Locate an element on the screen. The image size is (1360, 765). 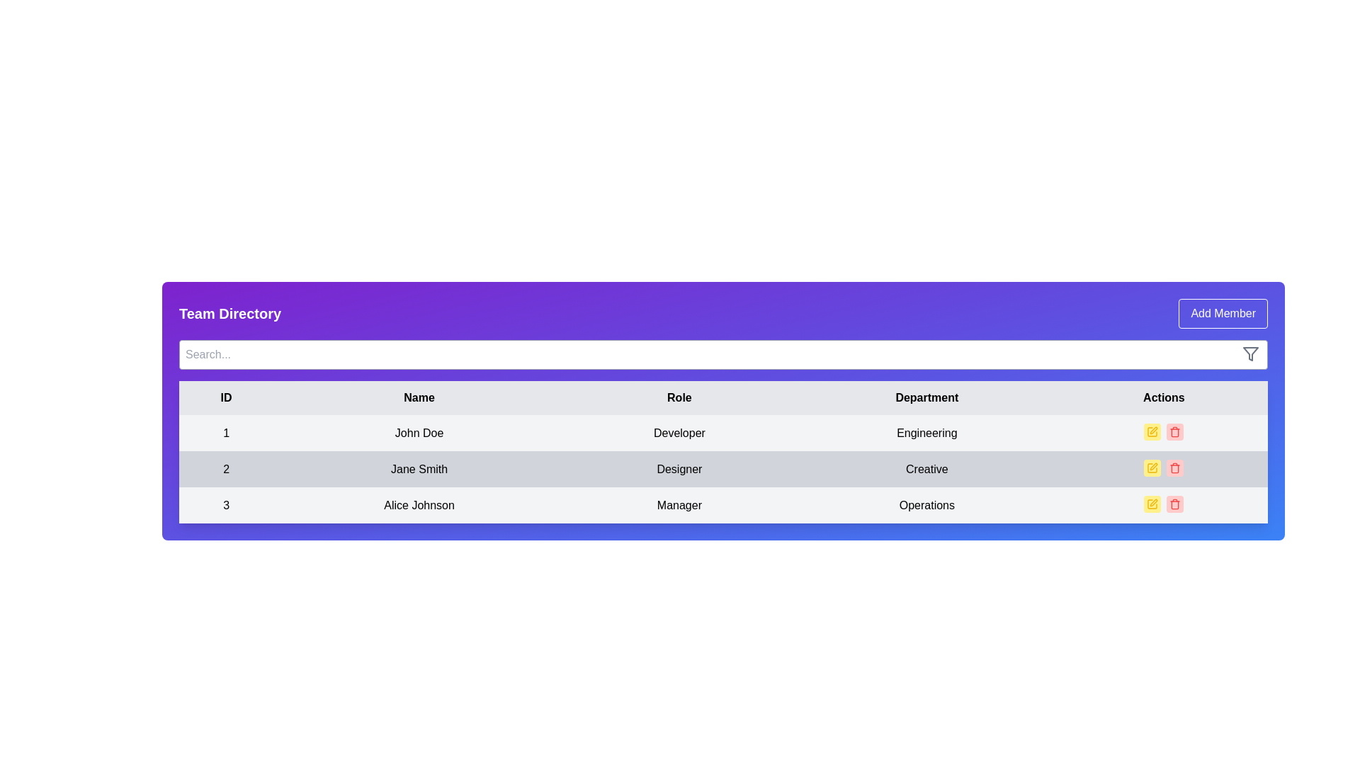
the static text label displaying the name associated with the third row of the table, located in the 'Name' column is located at coordinates (419, 504).